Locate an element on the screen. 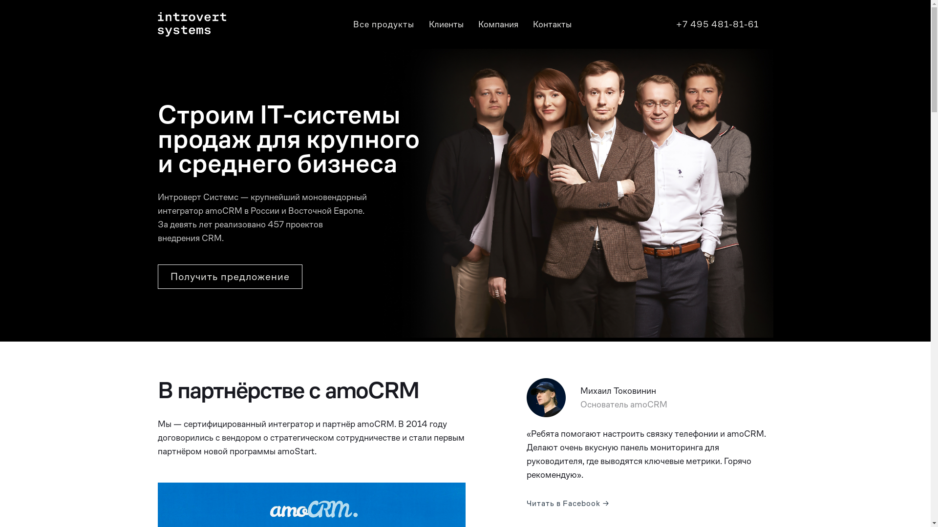 This screenshot has width=938, height=527. '+7 495 481-81-61' is located at coordinates (675, 24).